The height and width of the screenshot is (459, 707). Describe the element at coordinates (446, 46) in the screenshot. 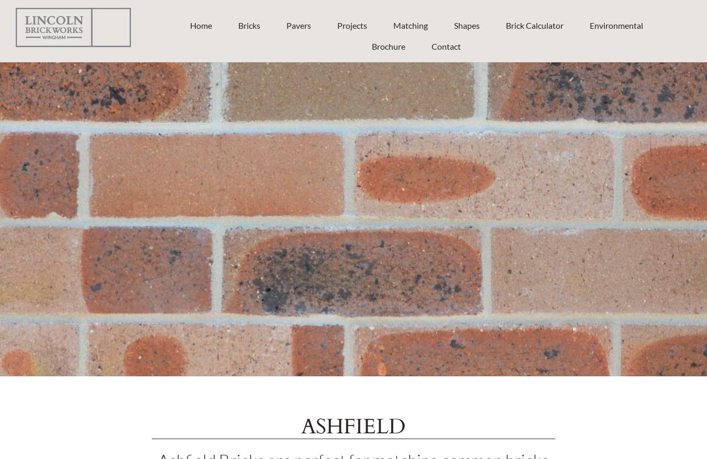

I see `'Contact'` at that location.